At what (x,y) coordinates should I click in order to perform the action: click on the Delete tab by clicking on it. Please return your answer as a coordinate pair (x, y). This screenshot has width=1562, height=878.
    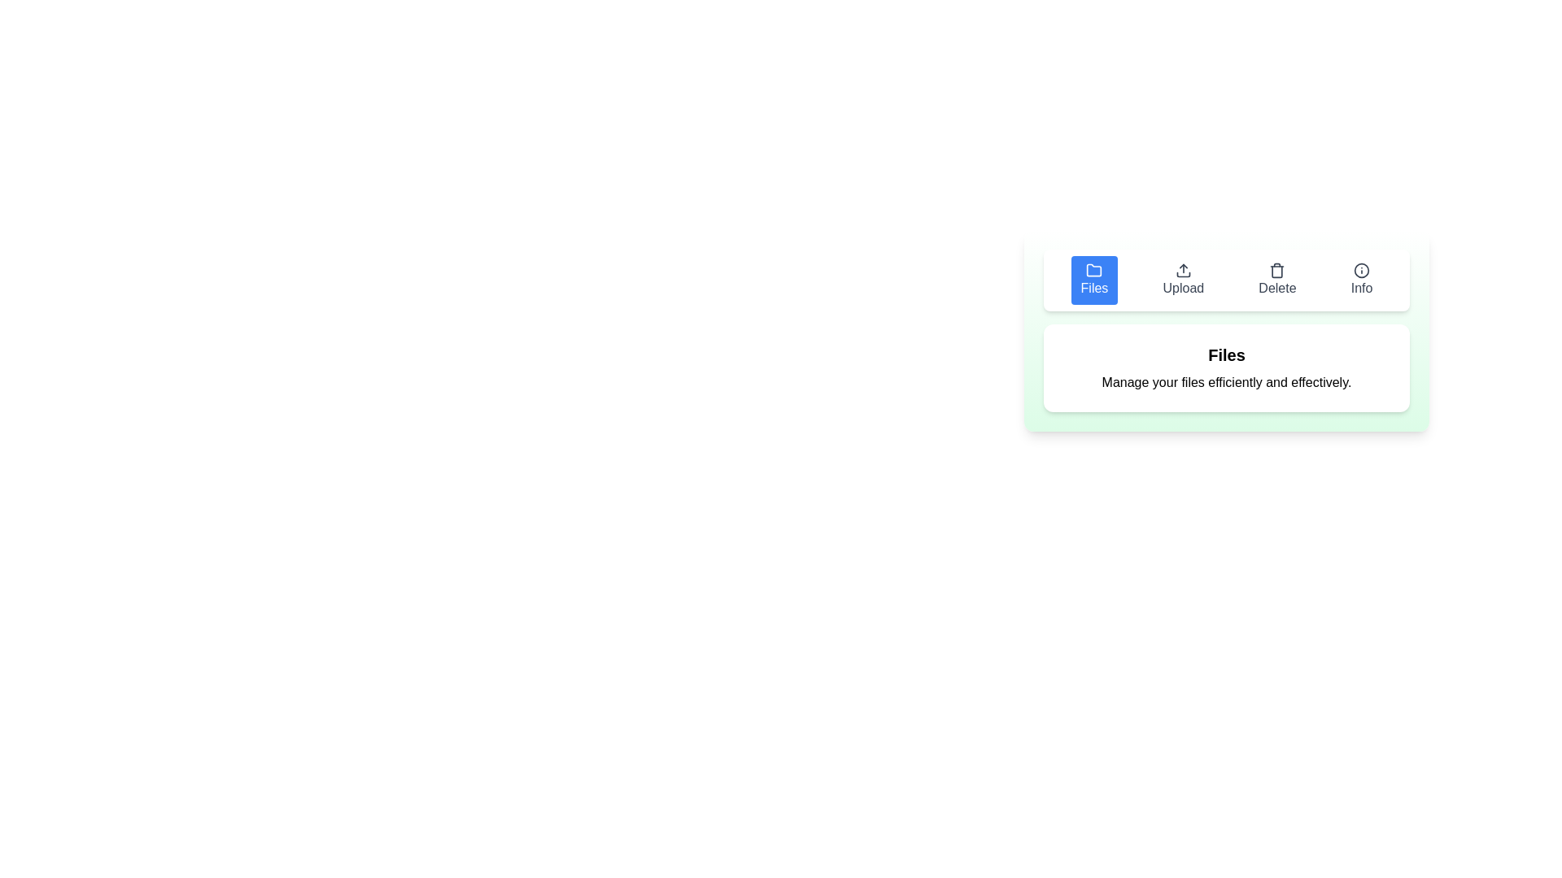
    Looking at the image, I should click on (1276, 279).